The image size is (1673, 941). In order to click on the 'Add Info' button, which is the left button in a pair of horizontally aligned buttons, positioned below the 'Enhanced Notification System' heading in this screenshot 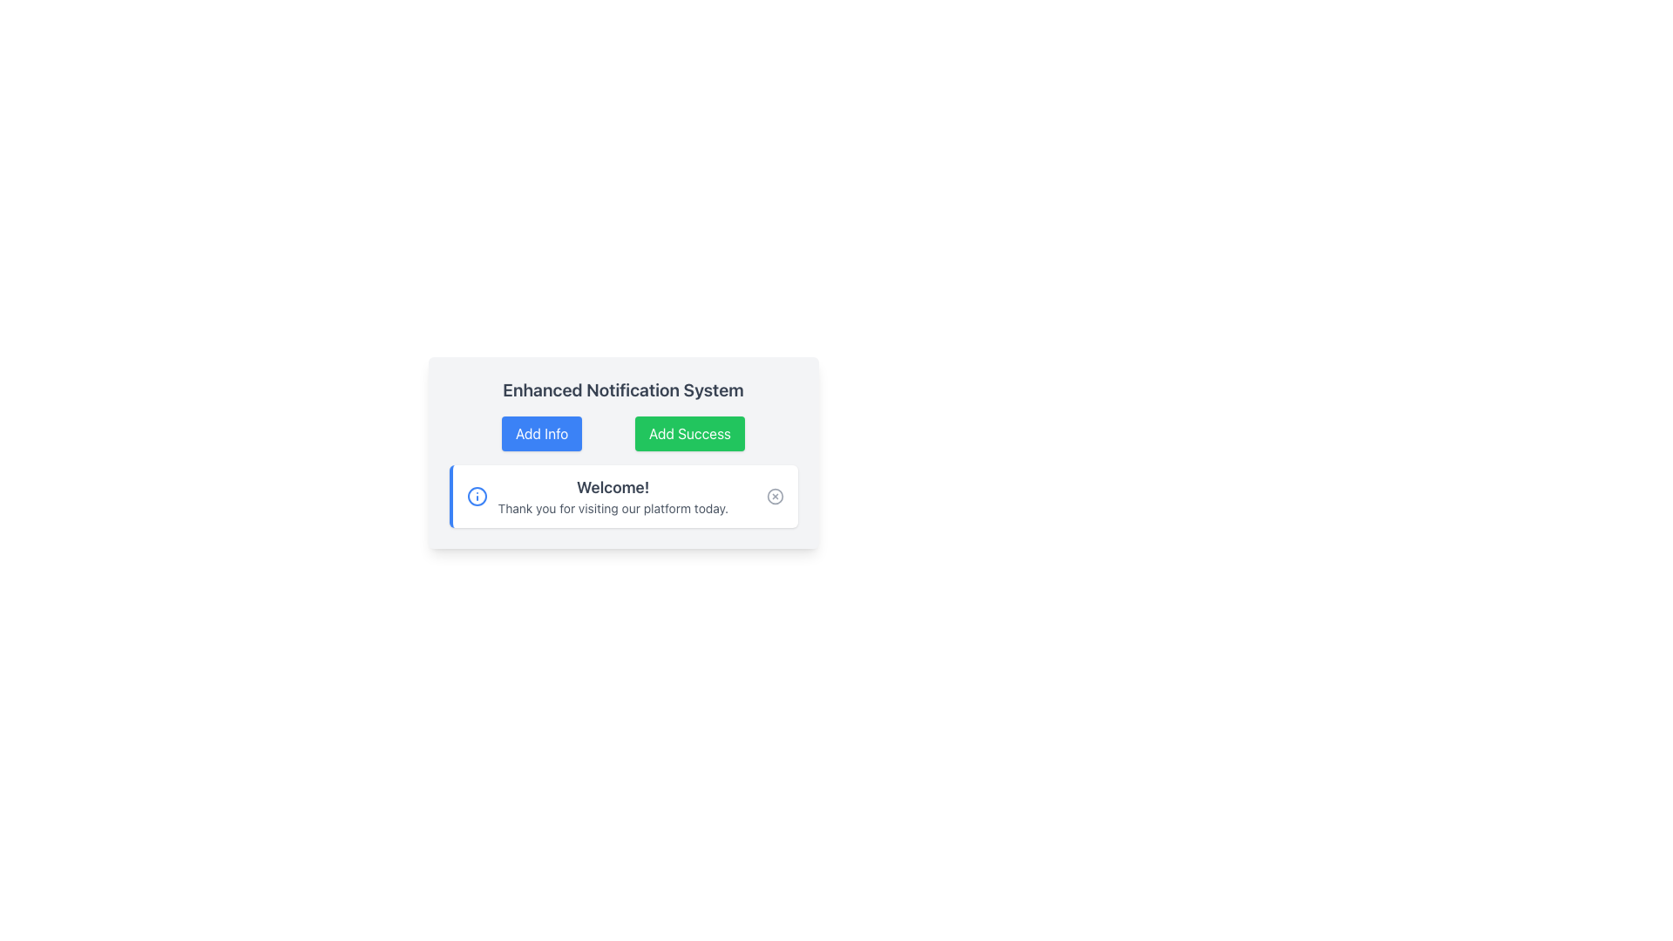, I will do `click(541, 432)`.